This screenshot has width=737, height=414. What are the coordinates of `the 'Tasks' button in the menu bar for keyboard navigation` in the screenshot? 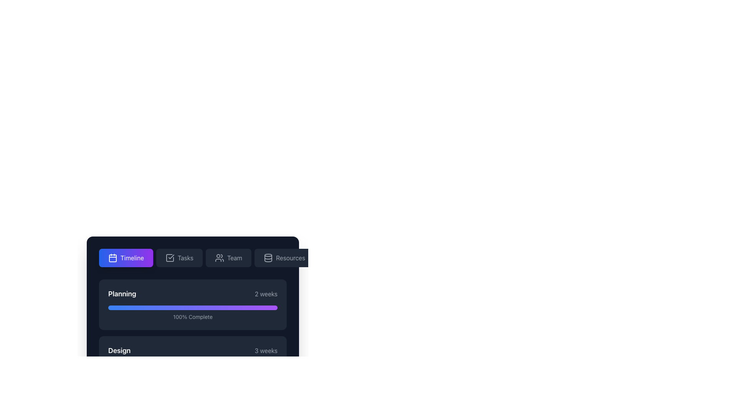 It's located at (193, 258).